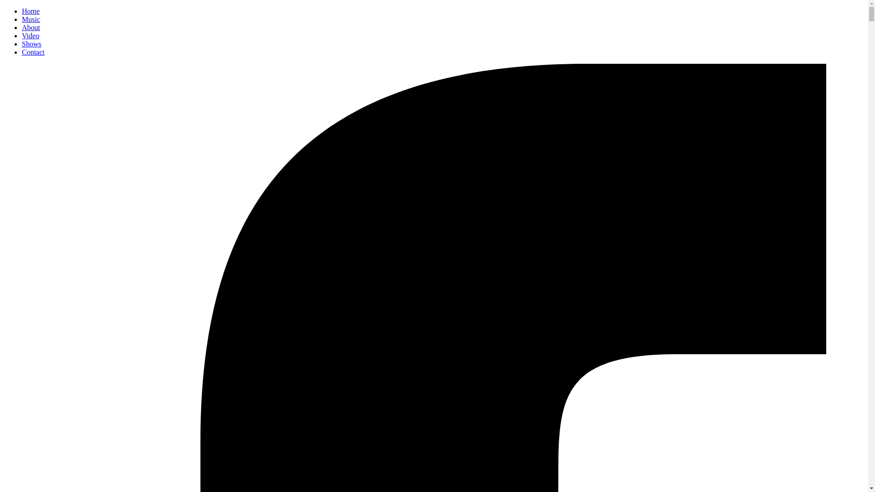 Image resolution: width=875 pixels, height=492 pixels. What do you see at coordinates (31, 44) in the screenshot?
I see `'Shows'` at bounding box center [31, 44].